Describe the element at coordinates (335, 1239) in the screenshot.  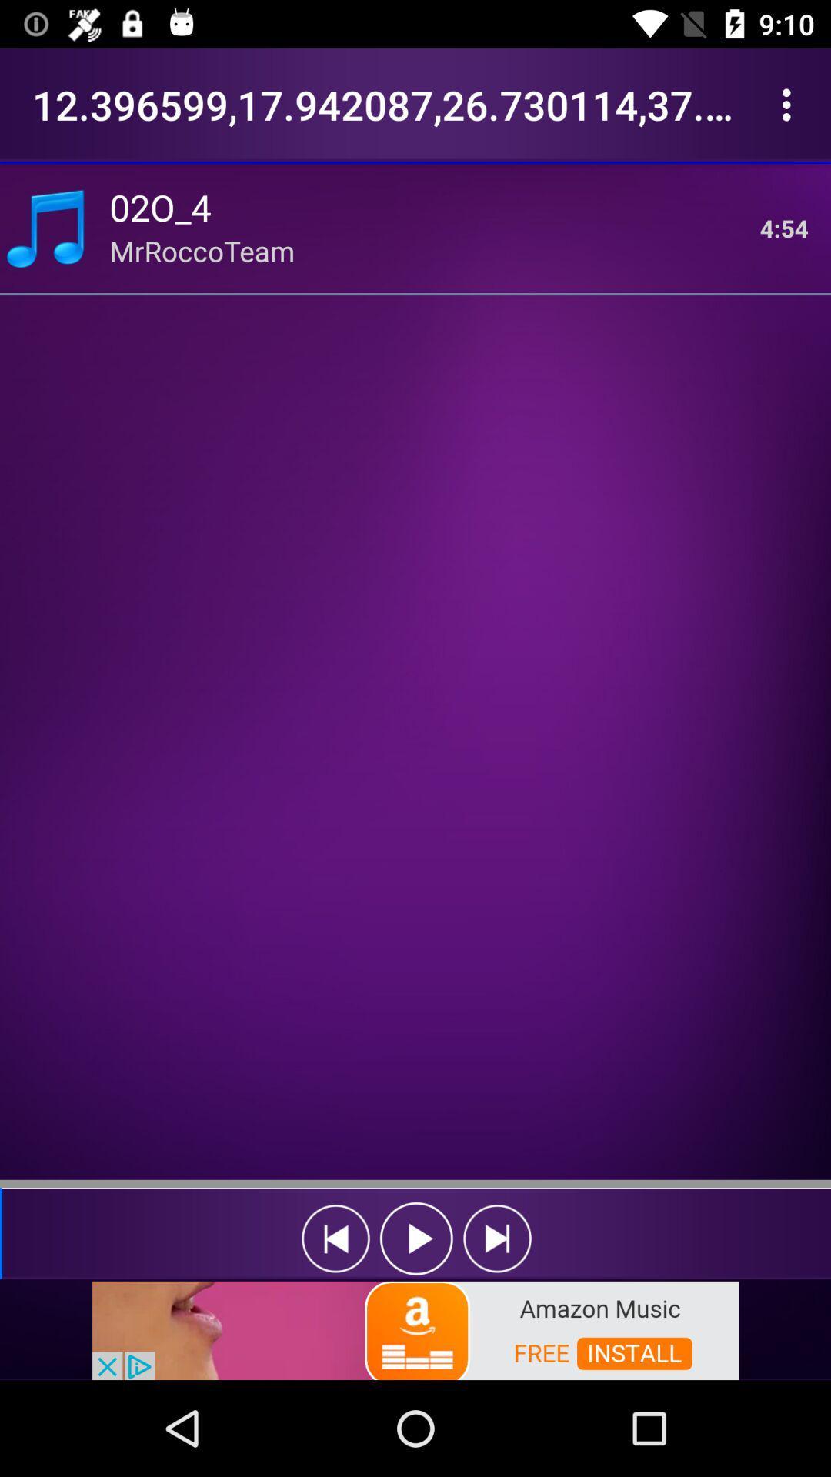
I see `go back` at that location.